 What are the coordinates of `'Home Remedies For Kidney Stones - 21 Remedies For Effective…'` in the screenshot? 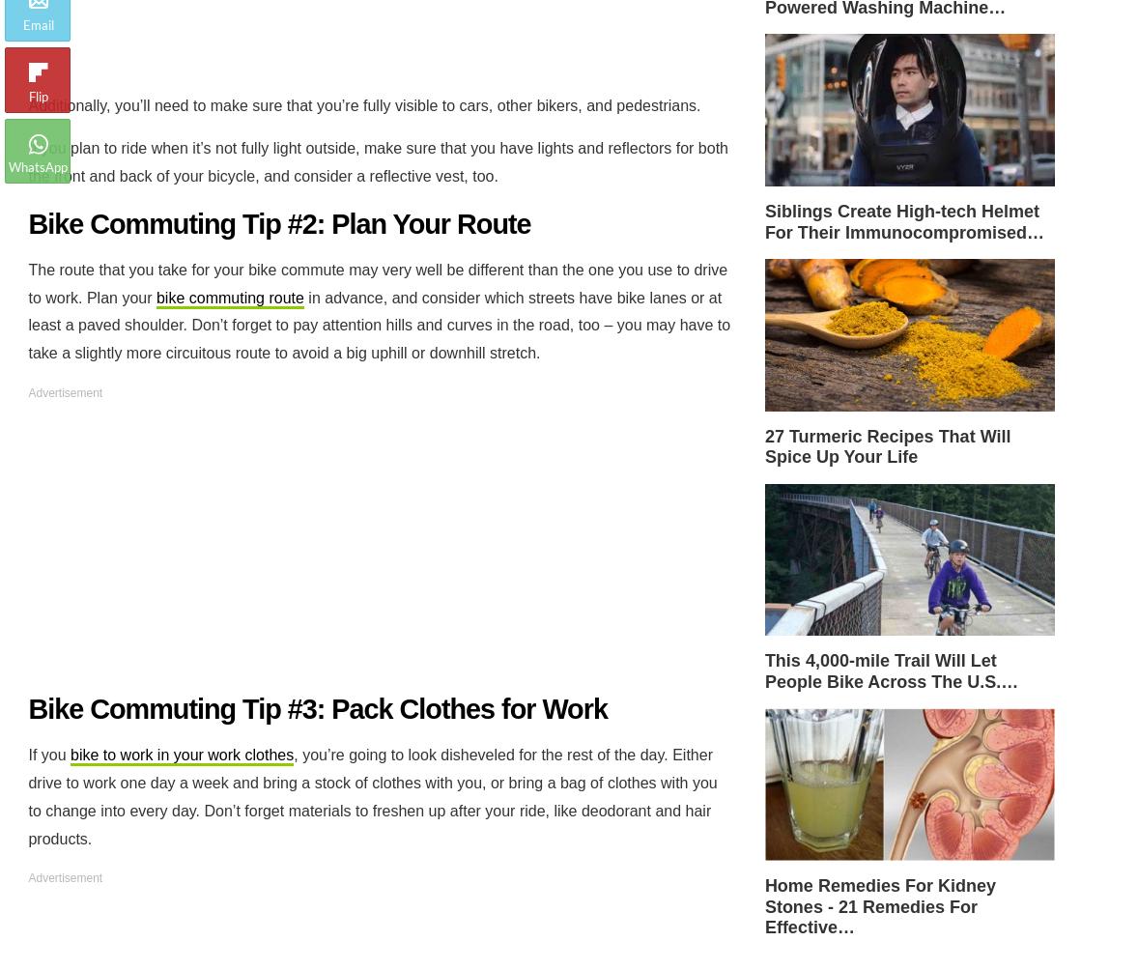 It's located at (763, 905).